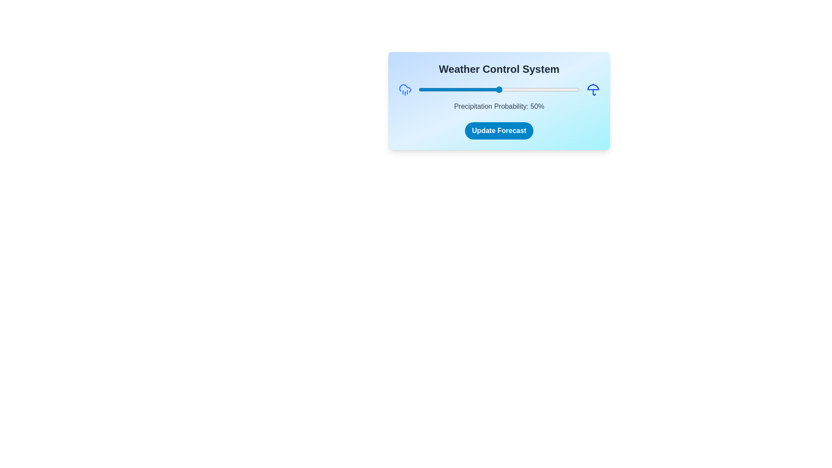 Image resolution: width=832 pixels, height=468 pixels. What do you see at coordinates (578, 90) in the screenshot?
I see `the precipitation probability slider to 99%` at bounding box center [578, 90].